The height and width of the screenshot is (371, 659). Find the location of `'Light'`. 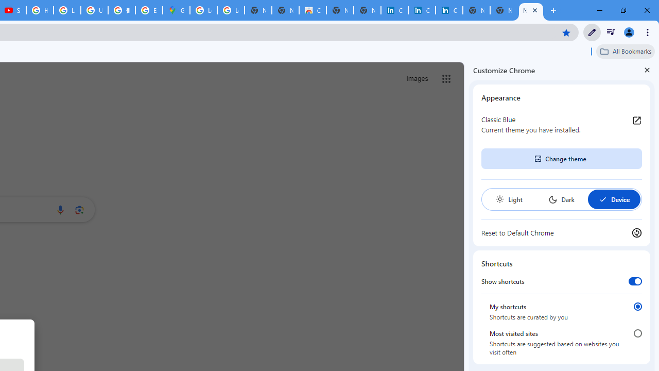

'Light' is located at coordinates (509, 199).